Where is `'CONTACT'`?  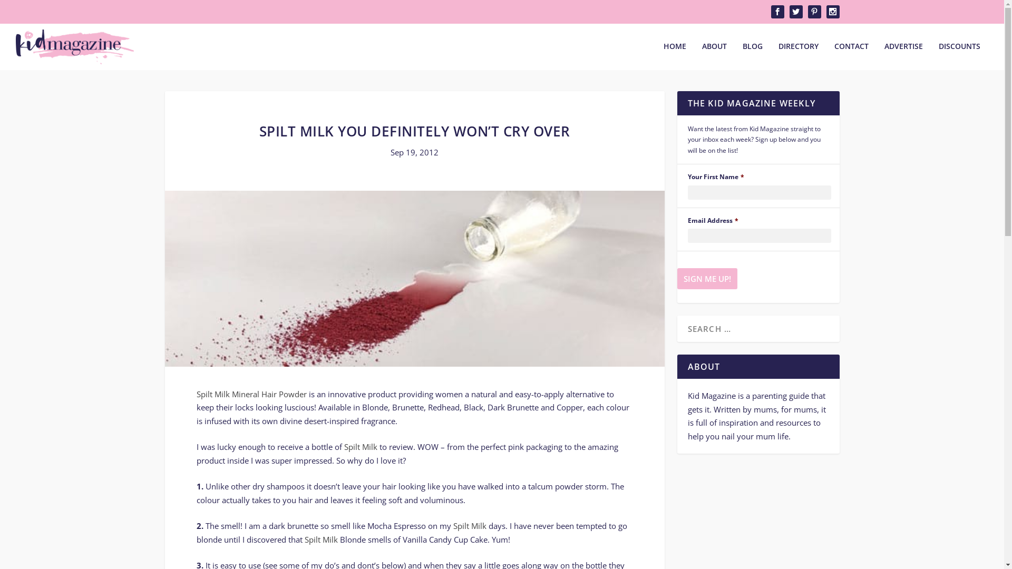
'CONTACT' is located at coordinates (851, 56).